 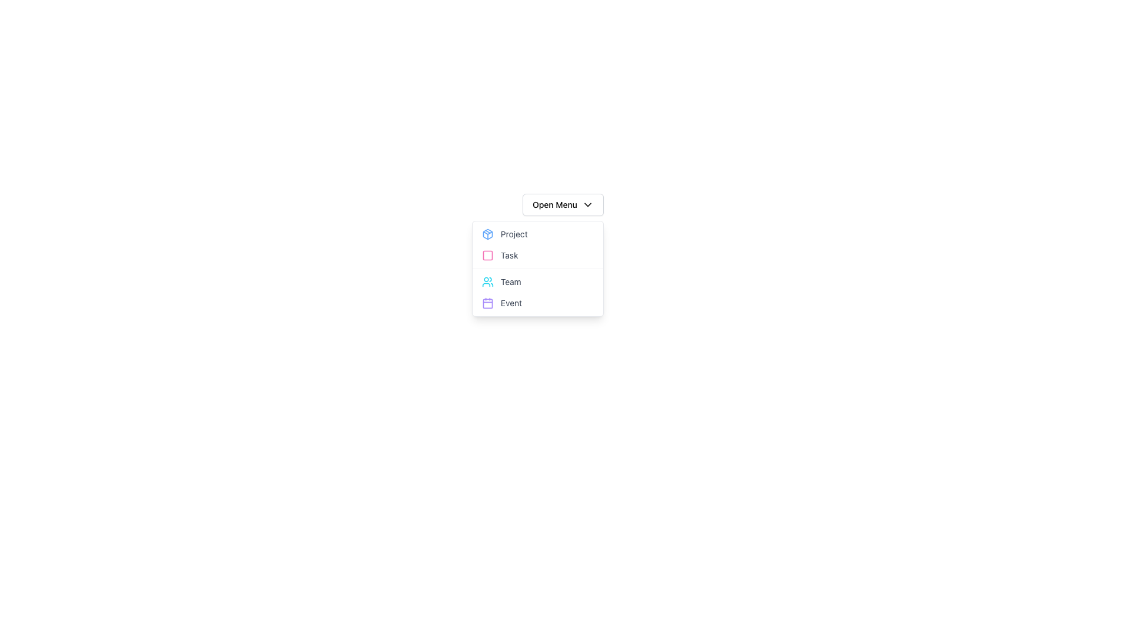 I want to click on the 'Event' option in the navigational menu located below the 'Open Menu' button, specifically in the second section after 'Project' and 'Task', so click(x=537, y=291).